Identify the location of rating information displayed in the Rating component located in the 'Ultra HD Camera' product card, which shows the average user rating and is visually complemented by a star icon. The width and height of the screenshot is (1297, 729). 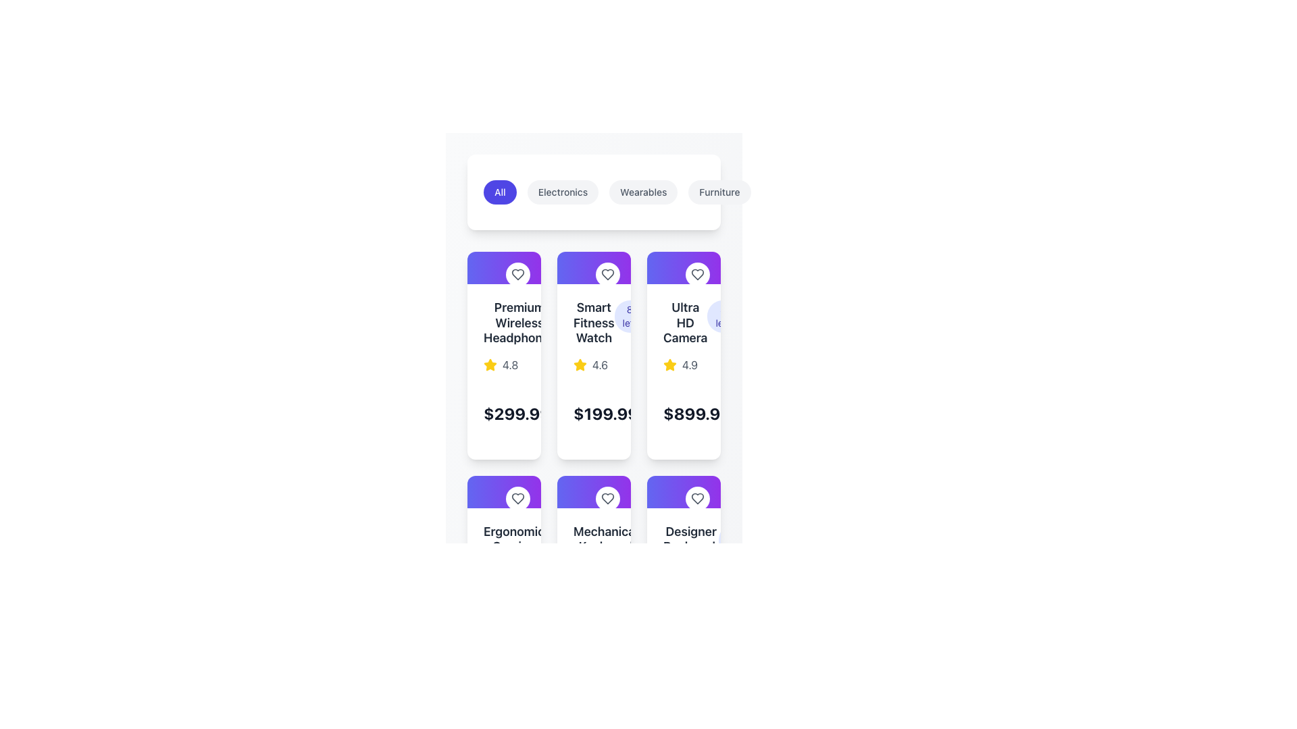
(684, 364).